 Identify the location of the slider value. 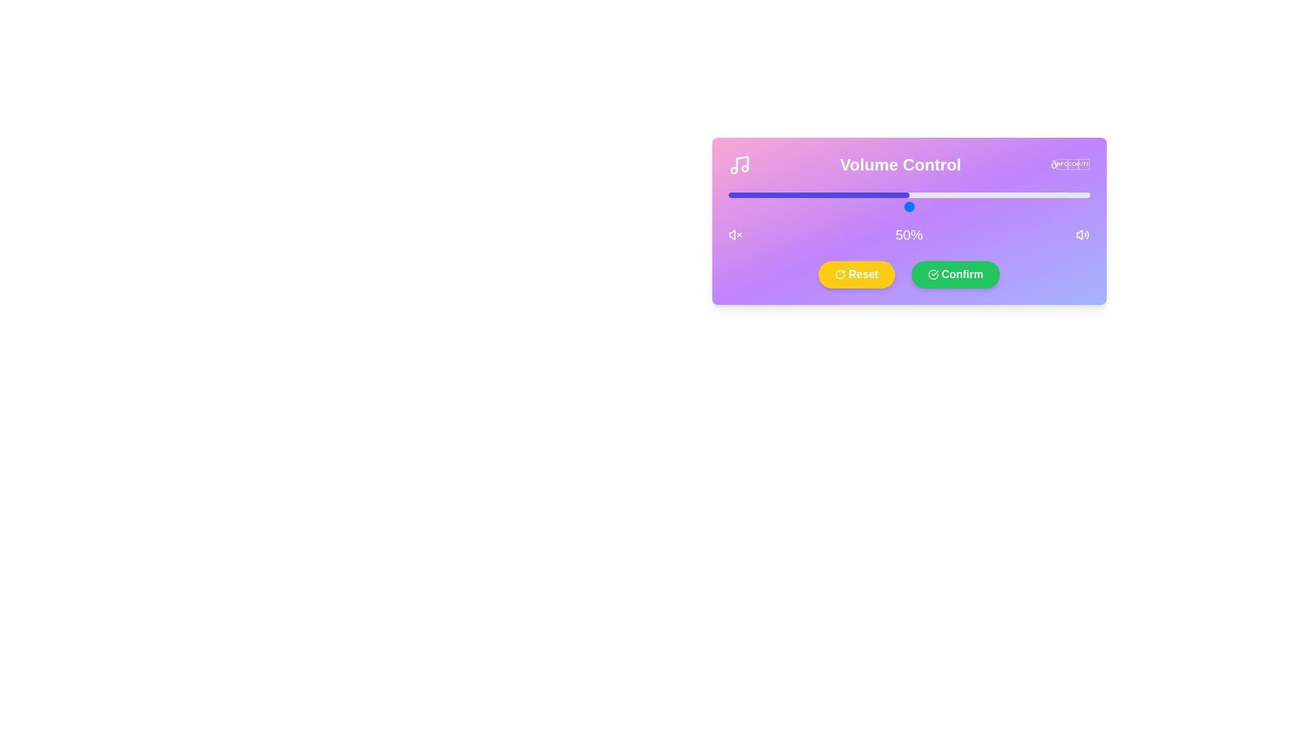
(887, 195).